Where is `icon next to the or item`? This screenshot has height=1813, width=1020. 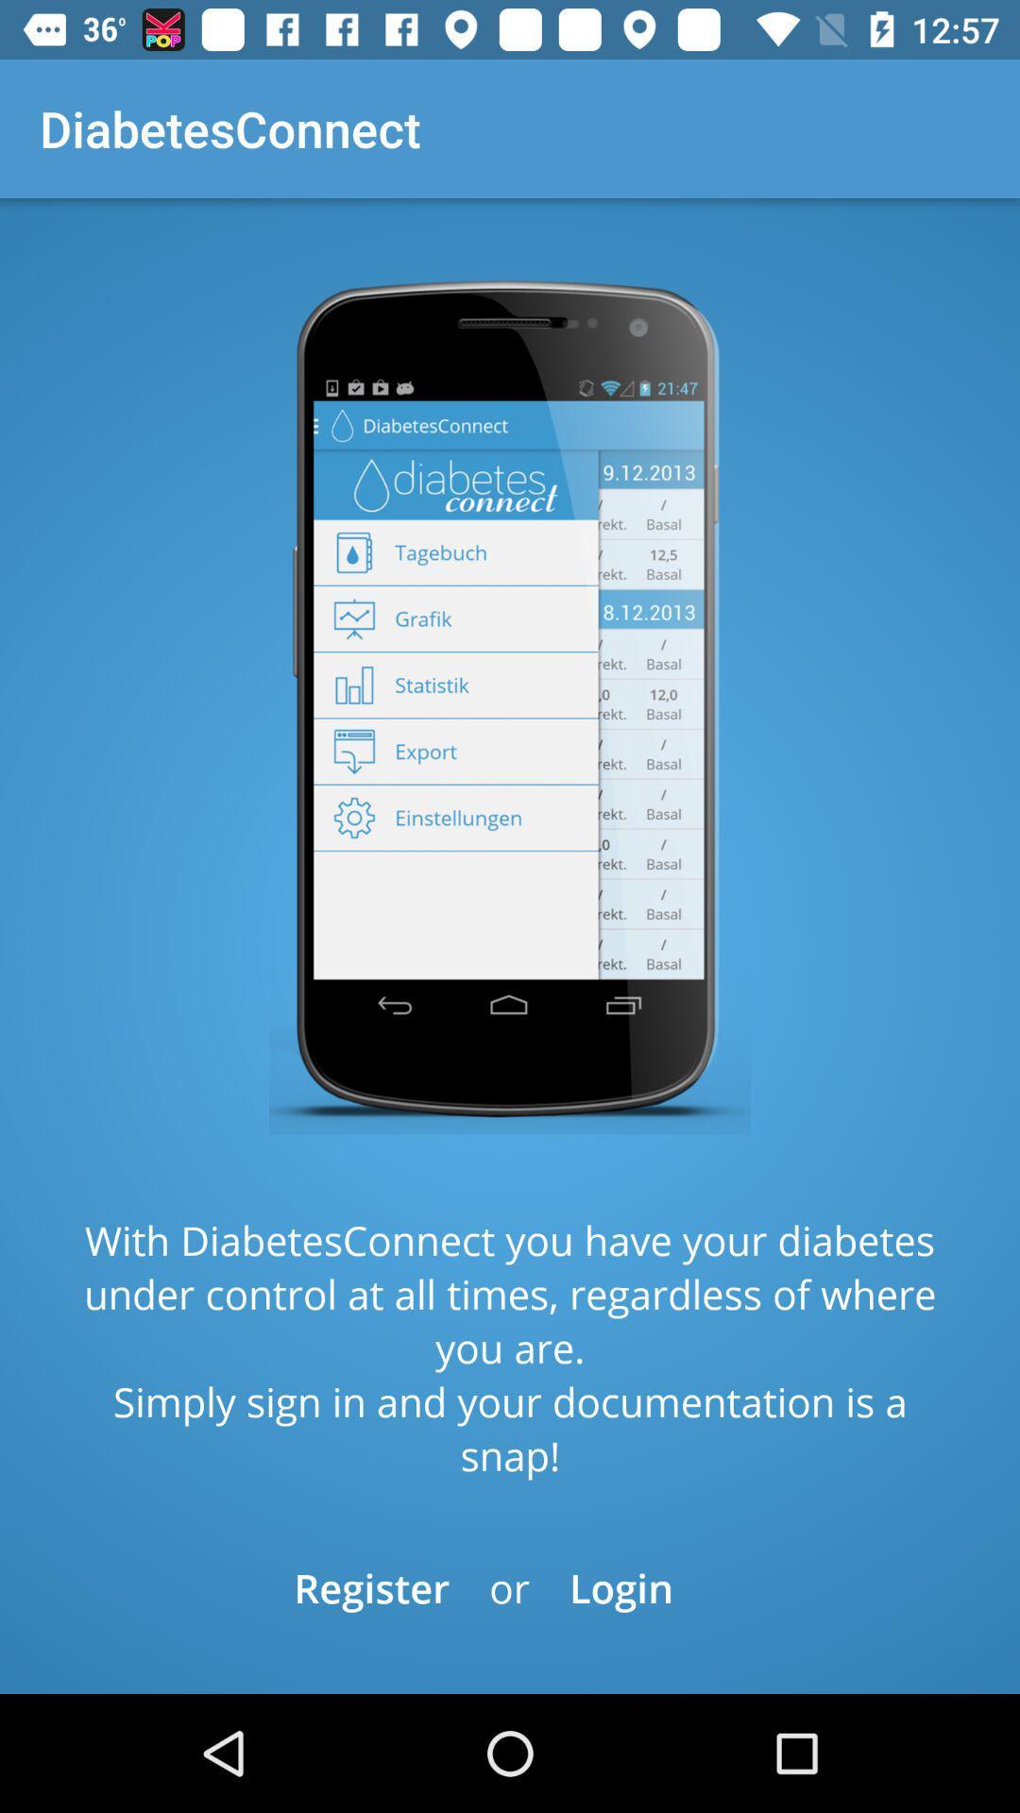 icon next to the or item is located at coordinates (621, 1586).